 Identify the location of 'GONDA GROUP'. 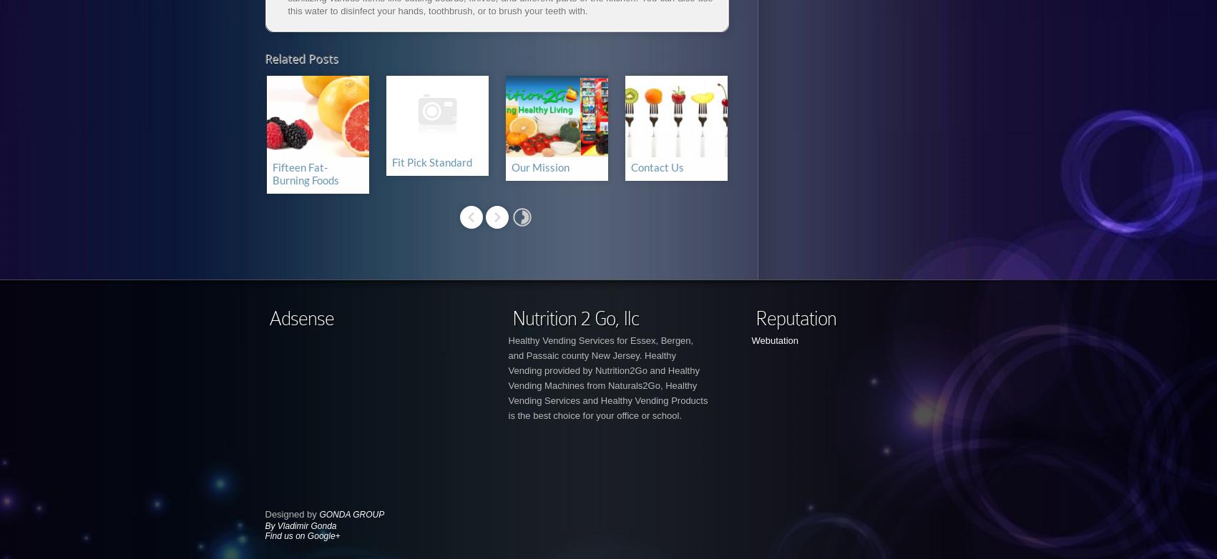
(318, 513).